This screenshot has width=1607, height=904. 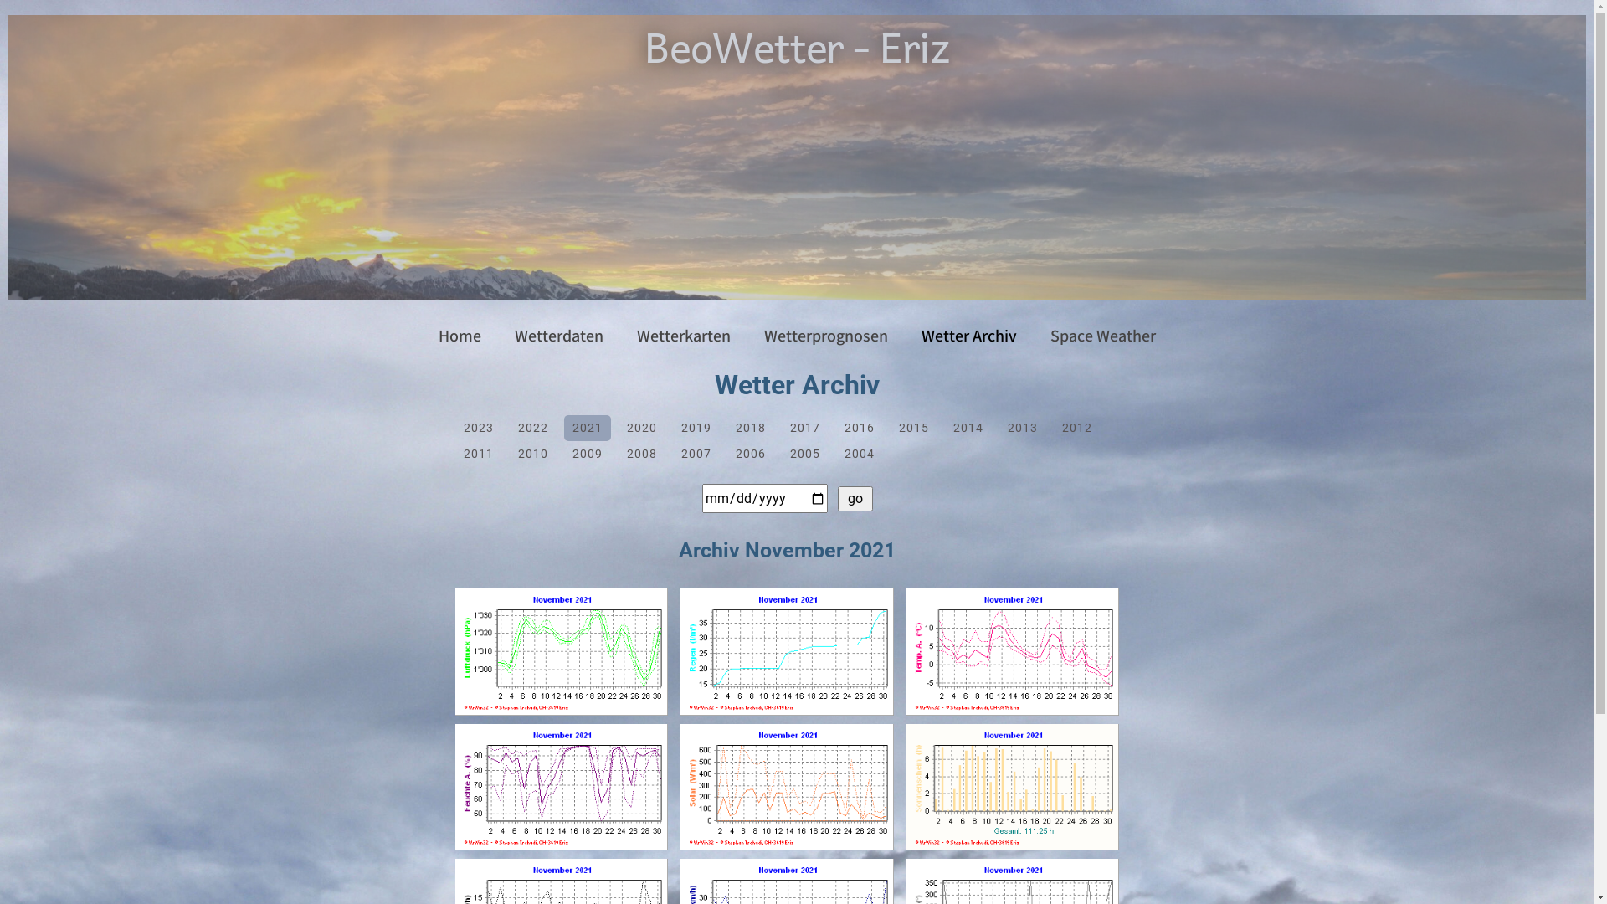 What do you see at coordinates (422, 336) in the screenshot?
I see `'Home'` at bounding box center [422, 336].